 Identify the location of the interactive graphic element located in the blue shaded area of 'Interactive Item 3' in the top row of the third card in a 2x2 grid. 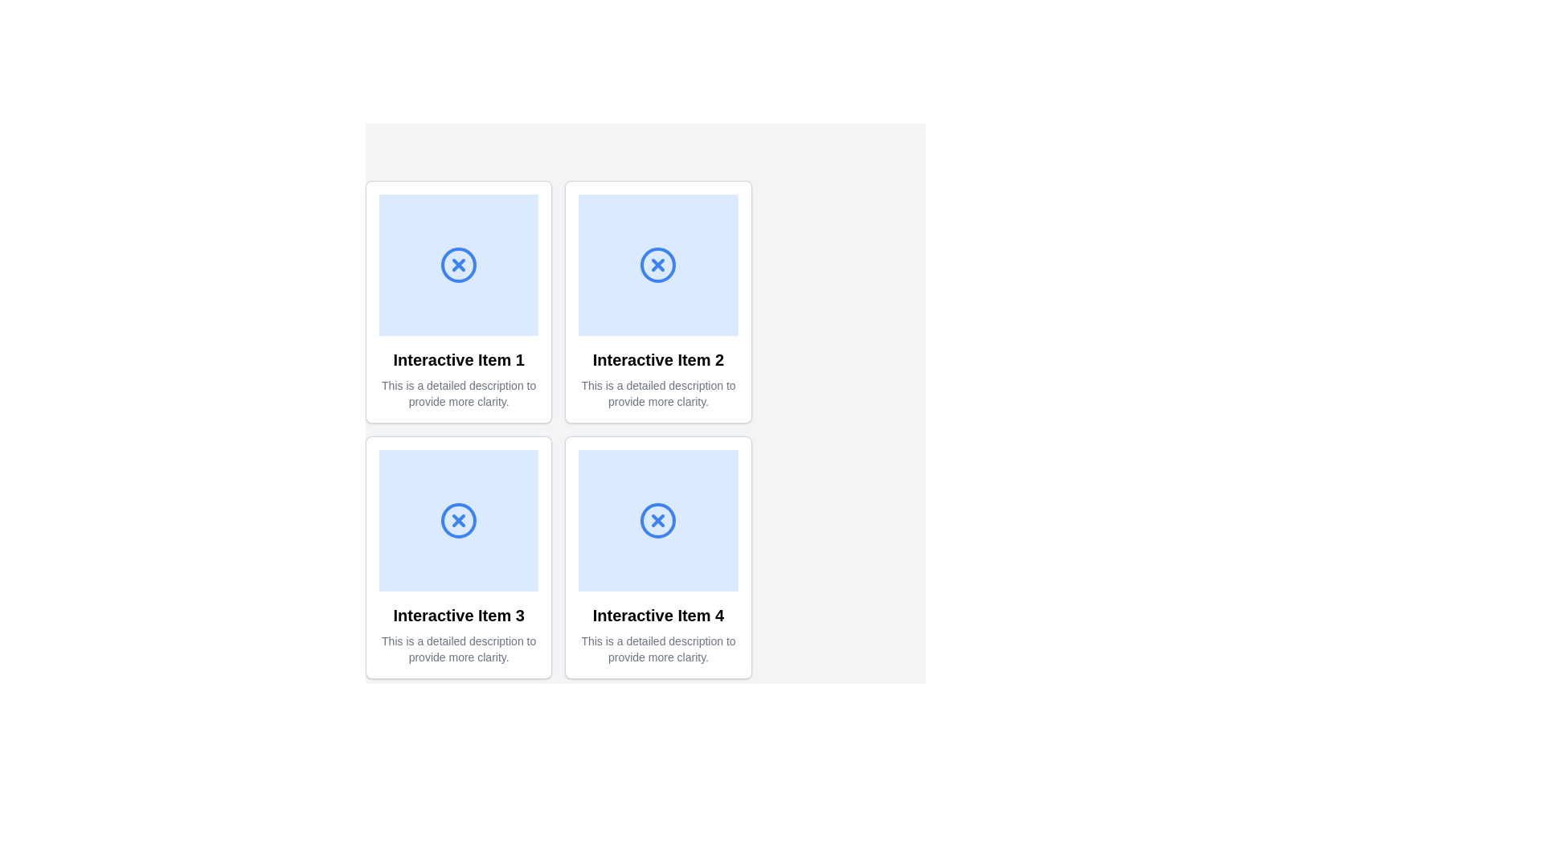
(458, 521).